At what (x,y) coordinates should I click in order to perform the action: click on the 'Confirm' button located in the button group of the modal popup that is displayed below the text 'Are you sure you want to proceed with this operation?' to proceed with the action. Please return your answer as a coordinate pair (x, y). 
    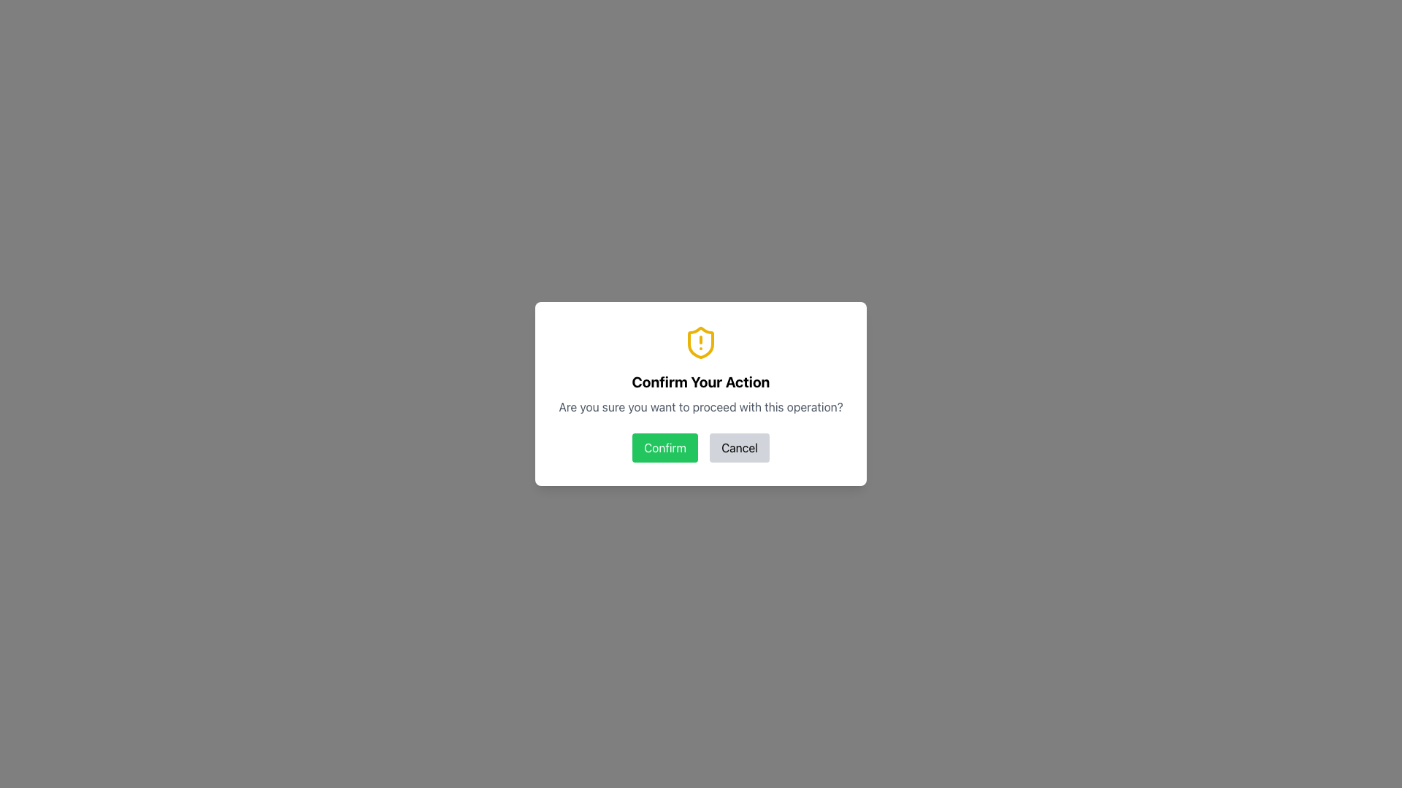
    Looking at the image, I should click on (701, 447).